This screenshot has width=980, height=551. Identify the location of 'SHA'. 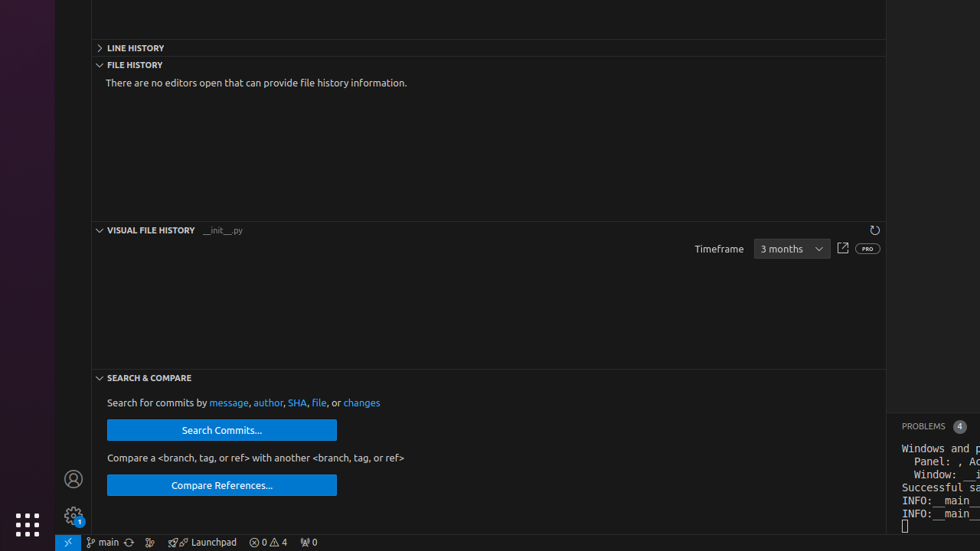
(297, 402).